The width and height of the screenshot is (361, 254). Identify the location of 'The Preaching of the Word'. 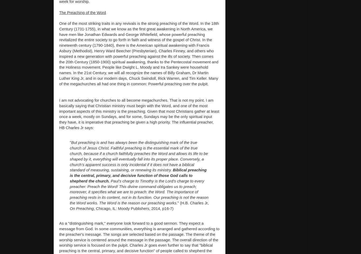
(59, 12).